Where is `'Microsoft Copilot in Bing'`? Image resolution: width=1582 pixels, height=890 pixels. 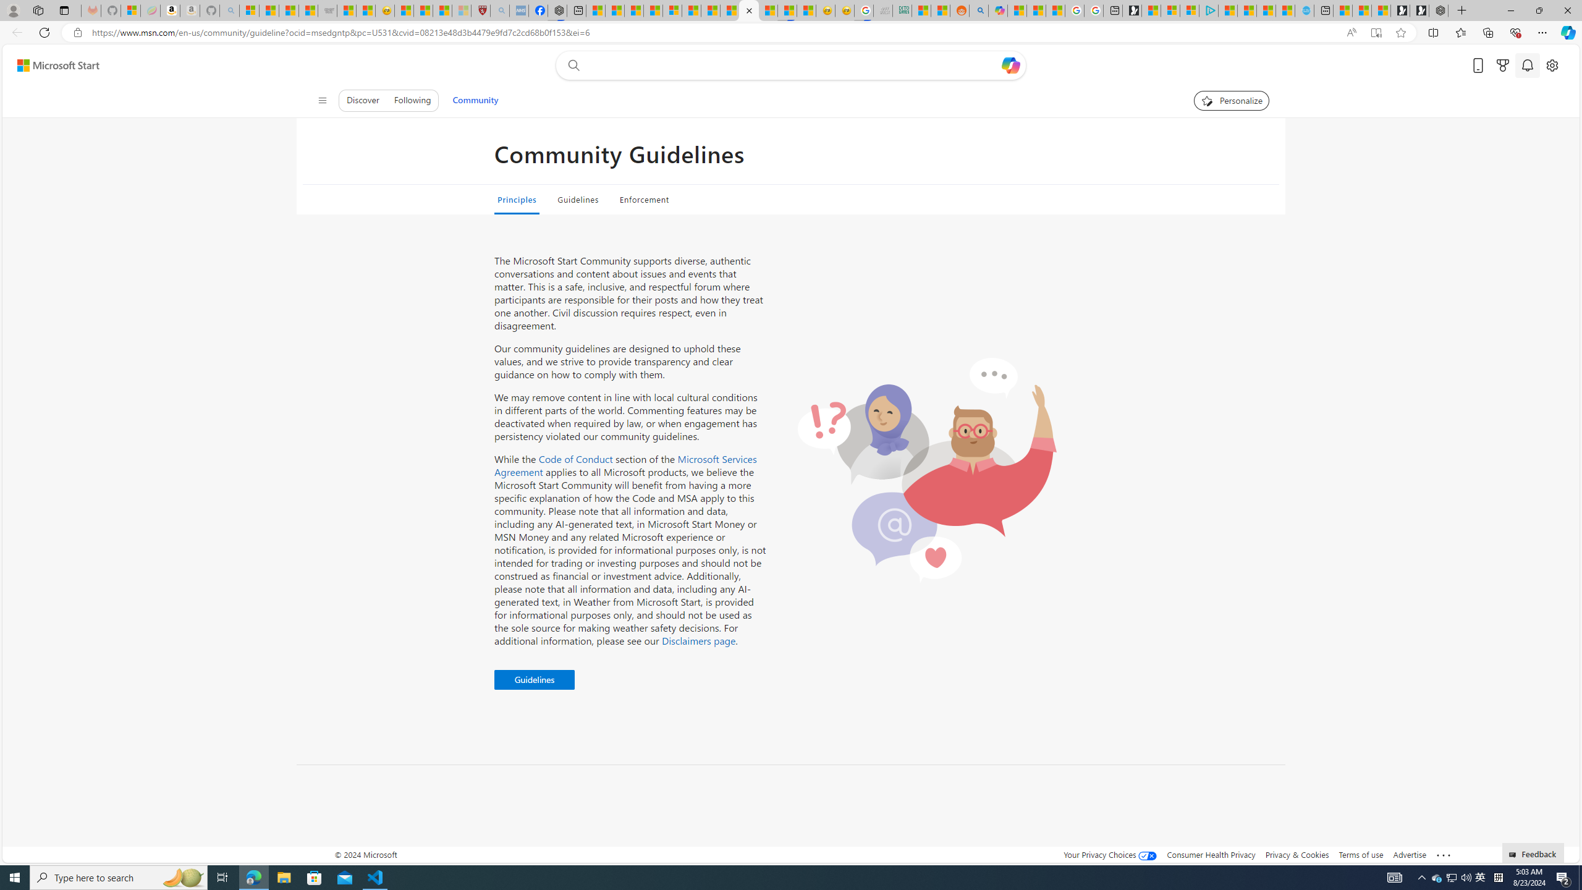 'Microsoft Copilot in Bing' is located at coordinates (997, 10).